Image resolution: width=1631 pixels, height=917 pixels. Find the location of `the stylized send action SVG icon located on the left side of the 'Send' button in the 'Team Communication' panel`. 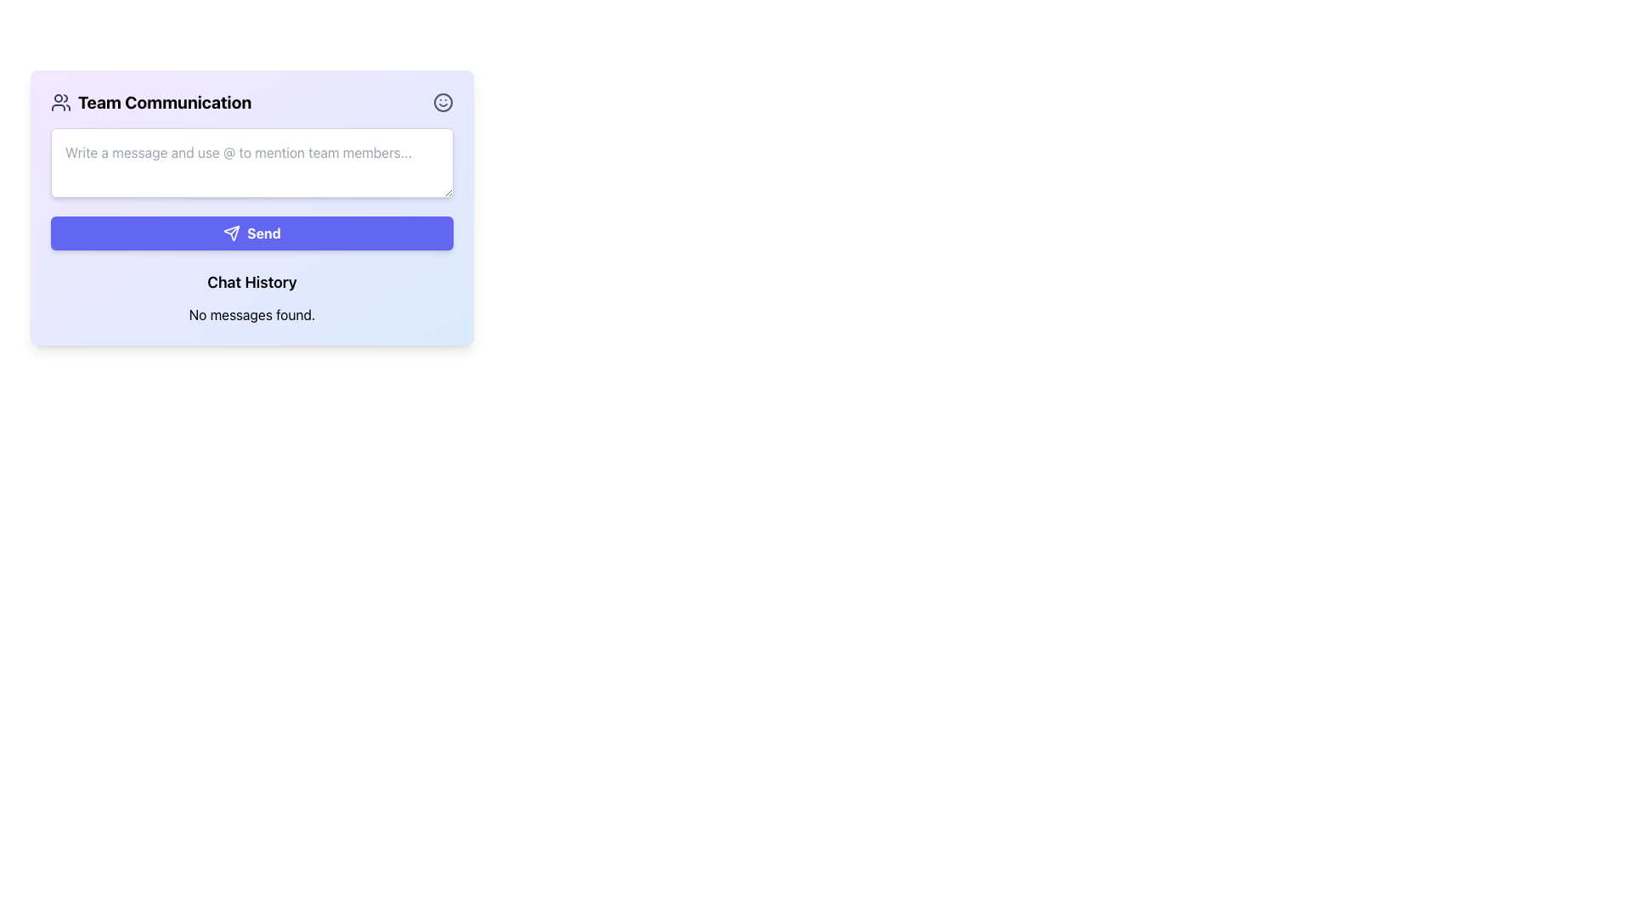

the stylized send action SVG icon located on the left side of the 'Send' button in the 'Team Communication' panel is located at coordinates (231, 233).